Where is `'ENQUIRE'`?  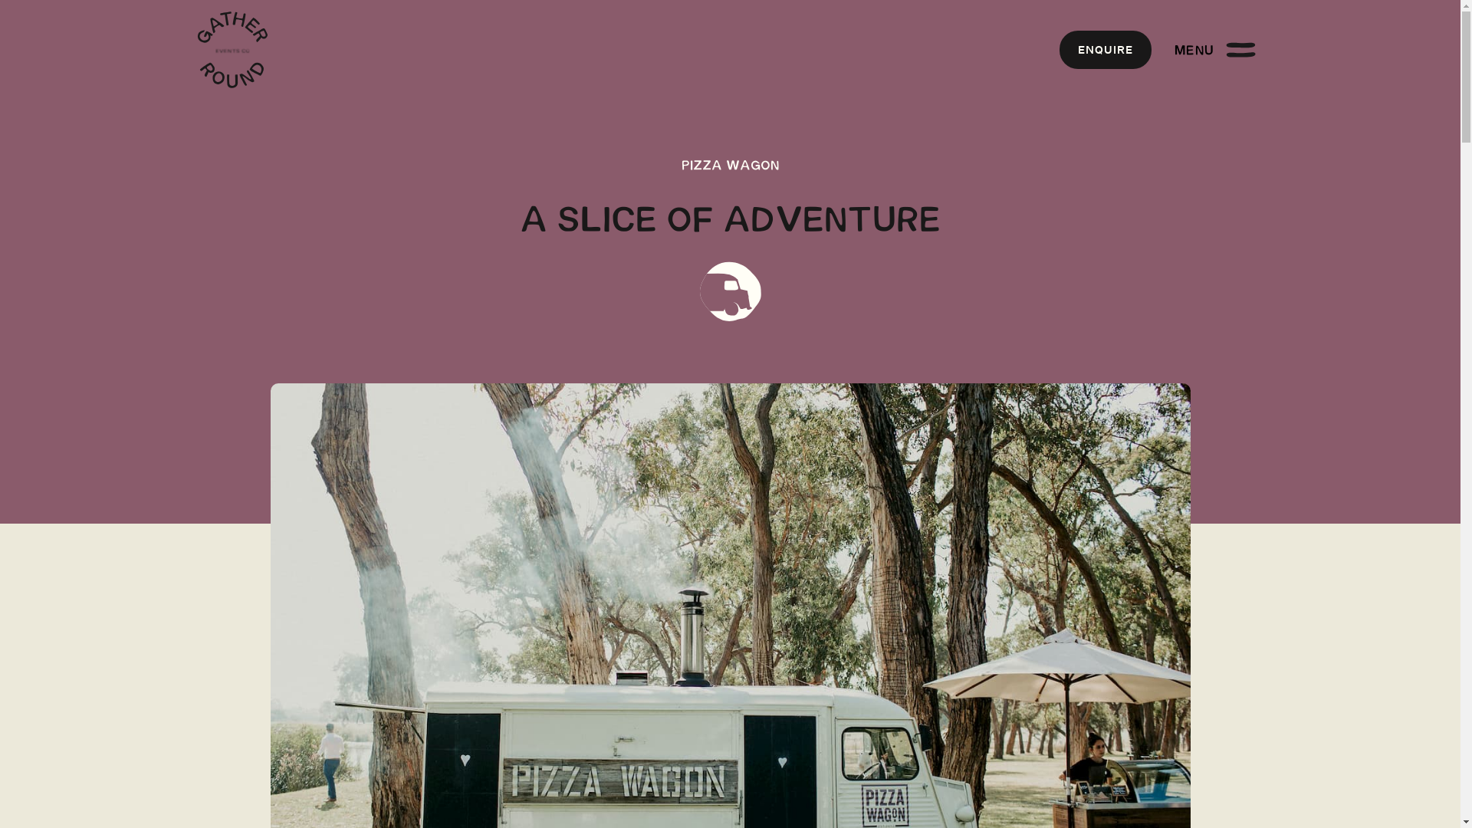 'ENQUIRE' is located at coordinates (1059, 49).